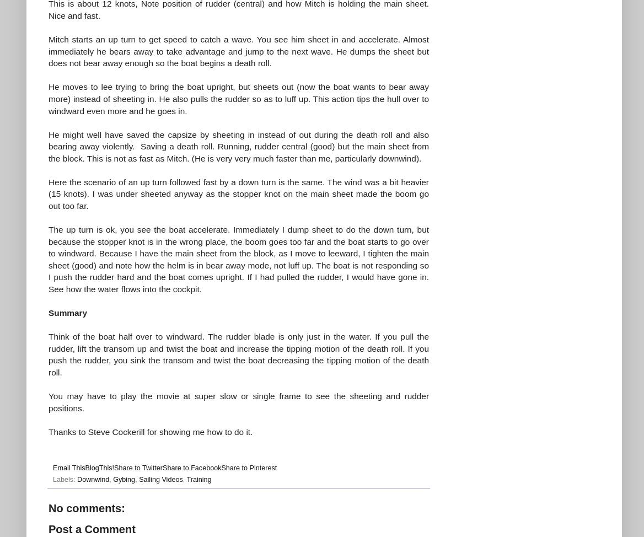  I want to click on 'Here the scenario of an up turn followed fast
by a down turn is the same. The wind', so click(205, 181).